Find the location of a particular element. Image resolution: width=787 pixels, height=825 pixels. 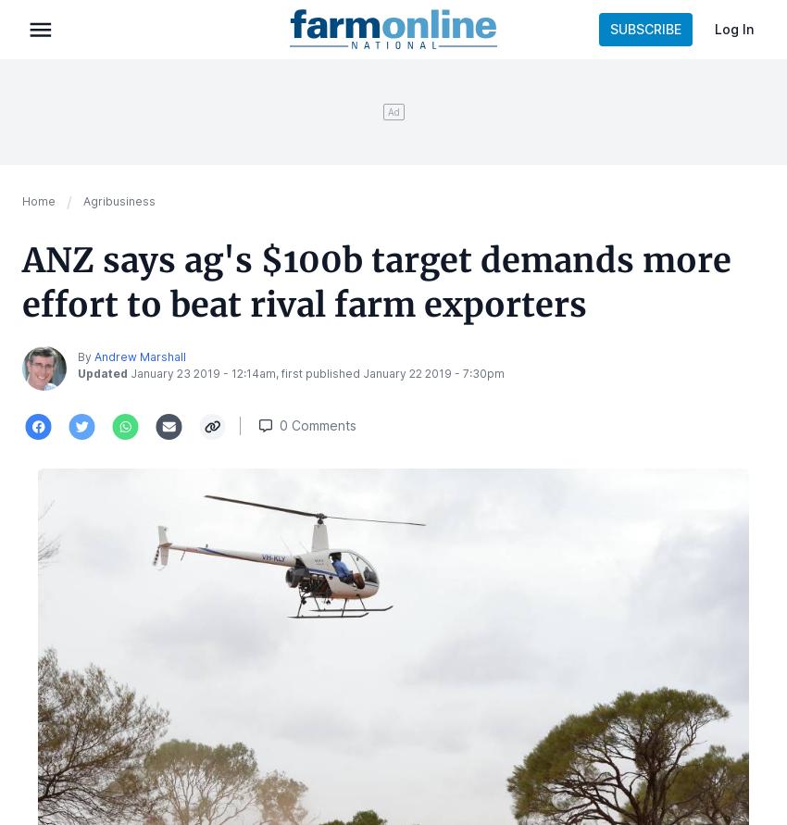

's' is located at coordinates (352, 424).